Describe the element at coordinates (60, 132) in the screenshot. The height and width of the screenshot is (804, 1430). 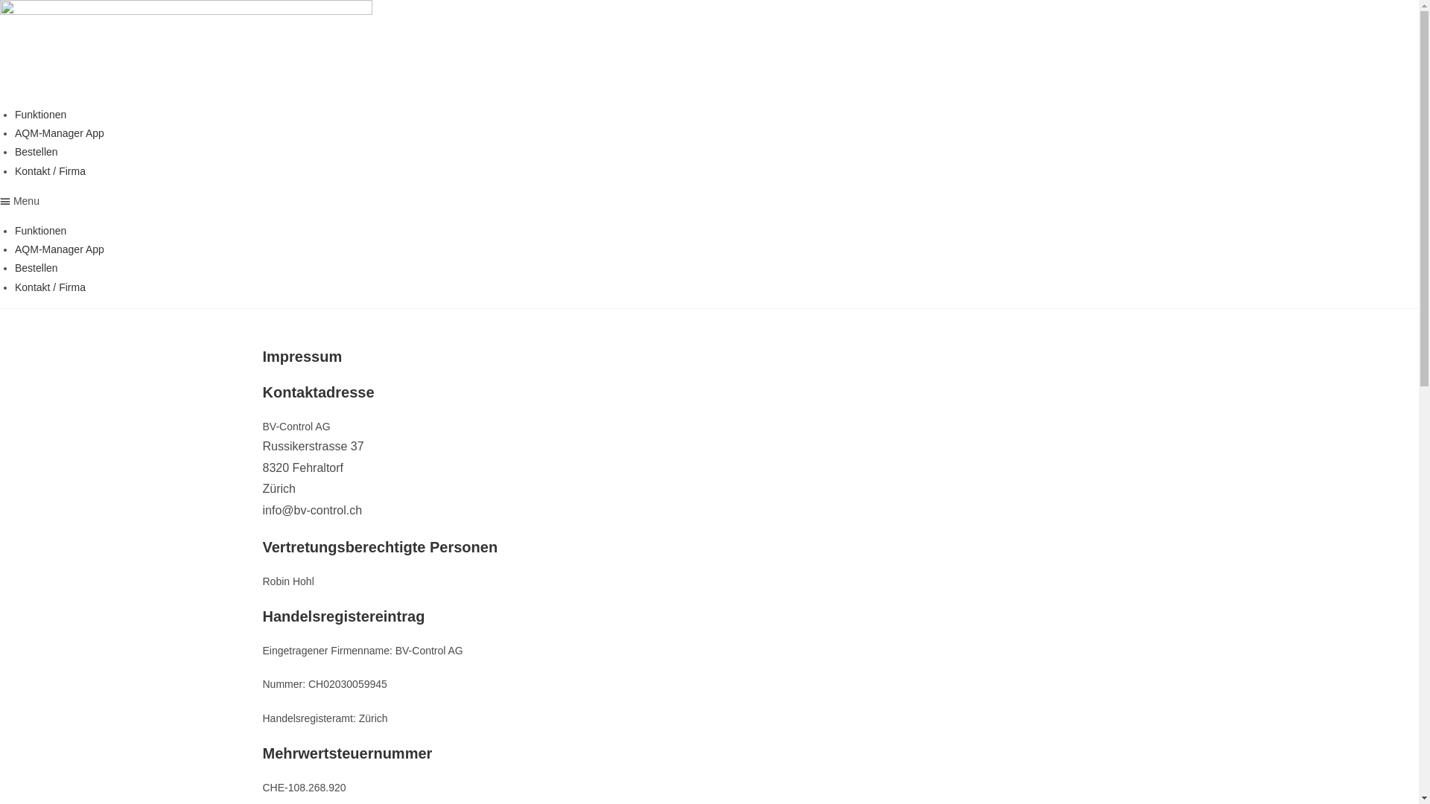
I see `'AQM-Manager App'` at that location.